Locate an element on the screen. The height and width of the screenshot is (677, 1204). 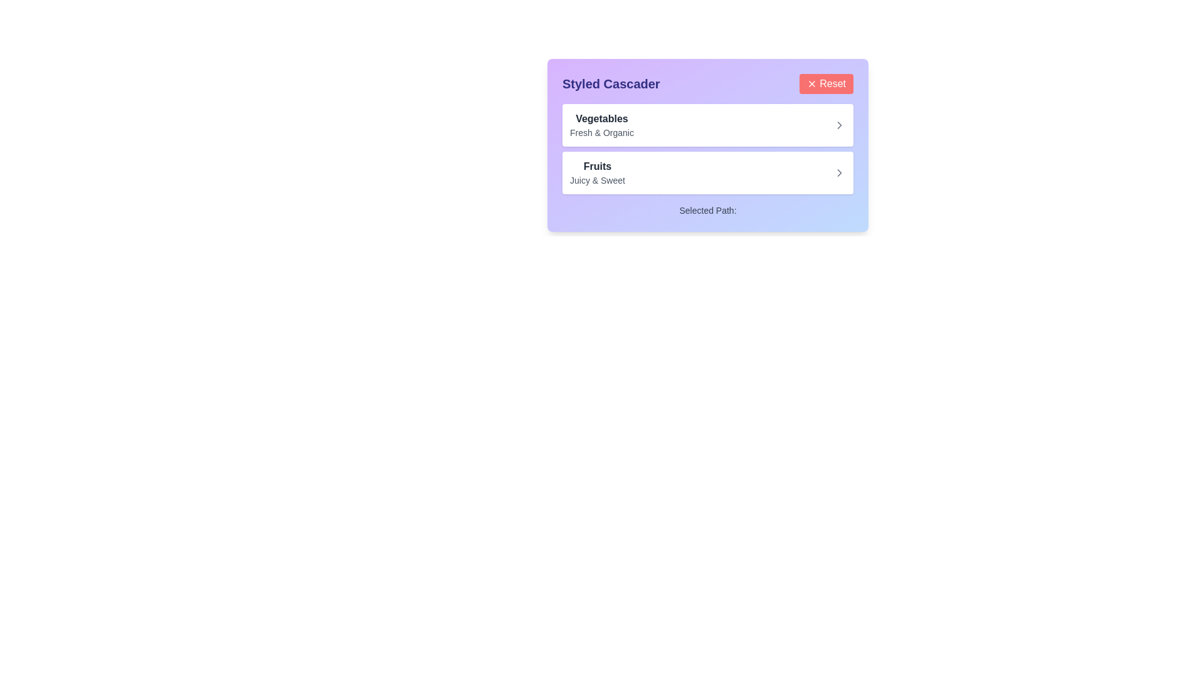
the text label indicating 'Fruits' with the phrase 'Juicy & Sweet', located centrally in the second row of a cascading selection component, positioned below the 'Vegetables' label is located at coordinates (596, 173).